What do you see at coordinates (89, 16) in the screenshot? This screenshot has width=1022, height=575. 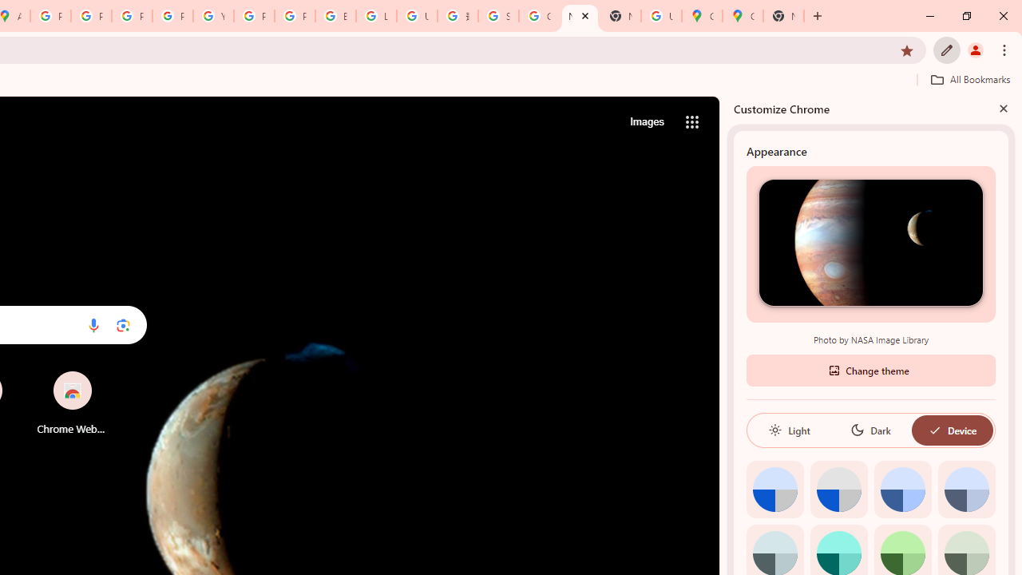 I see `'Privacy Help Center - Policies Help'` at bounding box center [89, 16].